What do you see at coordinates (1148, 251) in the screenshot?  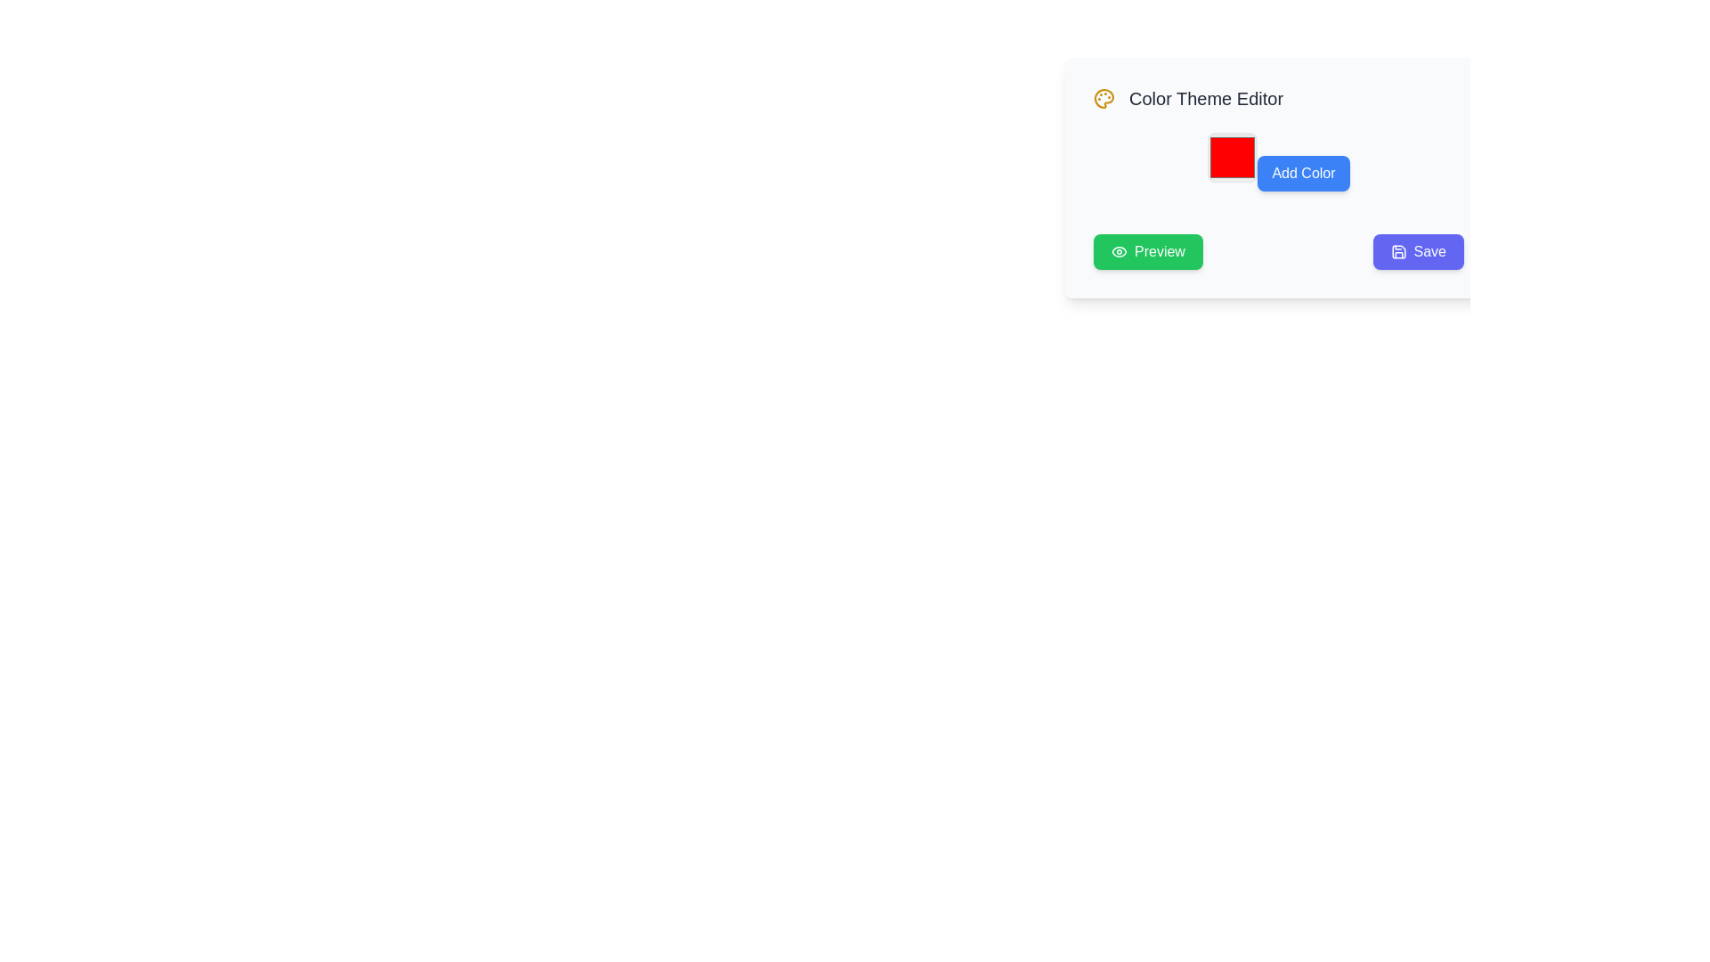 I see `the green 'Preview' button with rounded corners` at bounding box center [1148, 251].